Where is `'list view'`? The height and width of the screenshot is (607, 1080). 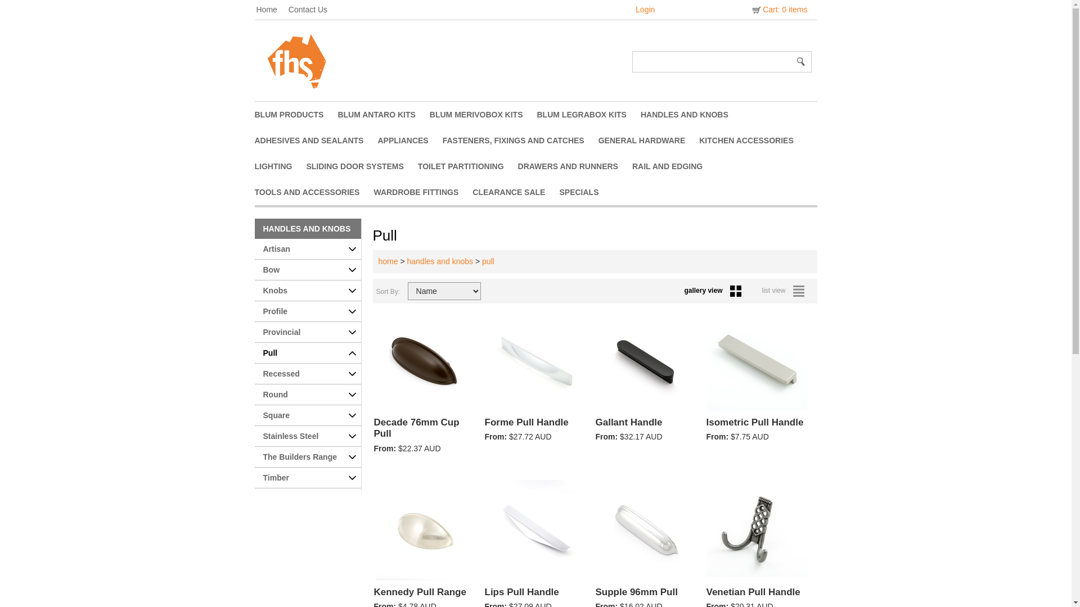 'list view' is located at coordinates (785, 289).